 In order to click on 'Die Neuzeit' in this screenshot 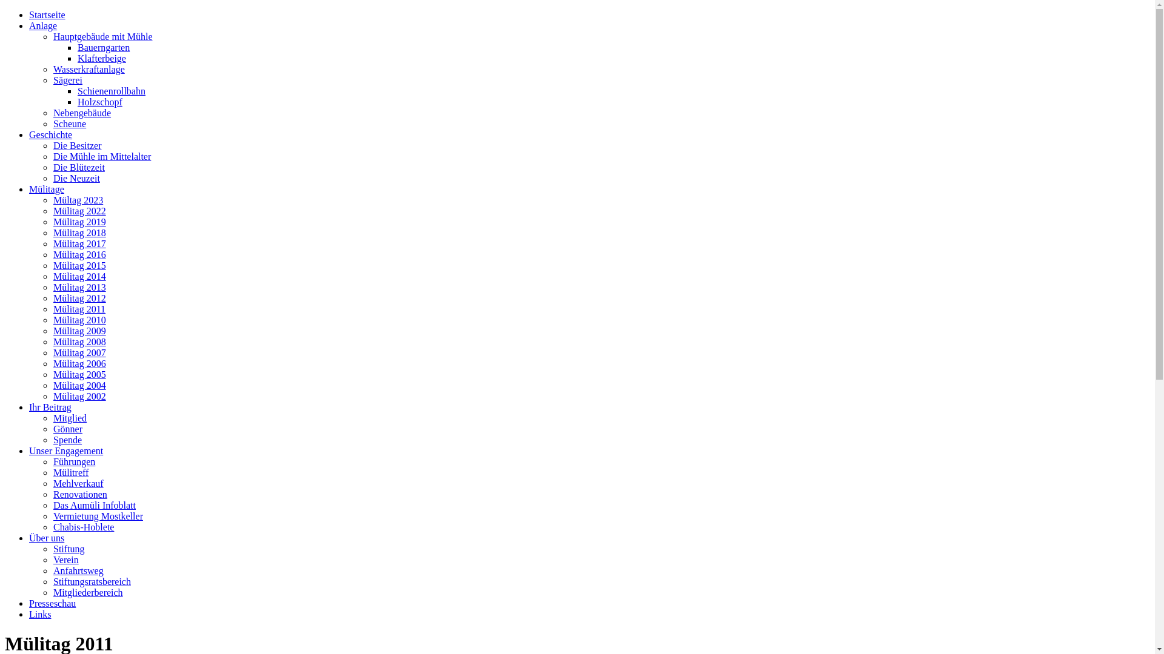, I will do `click(76, 178)`.